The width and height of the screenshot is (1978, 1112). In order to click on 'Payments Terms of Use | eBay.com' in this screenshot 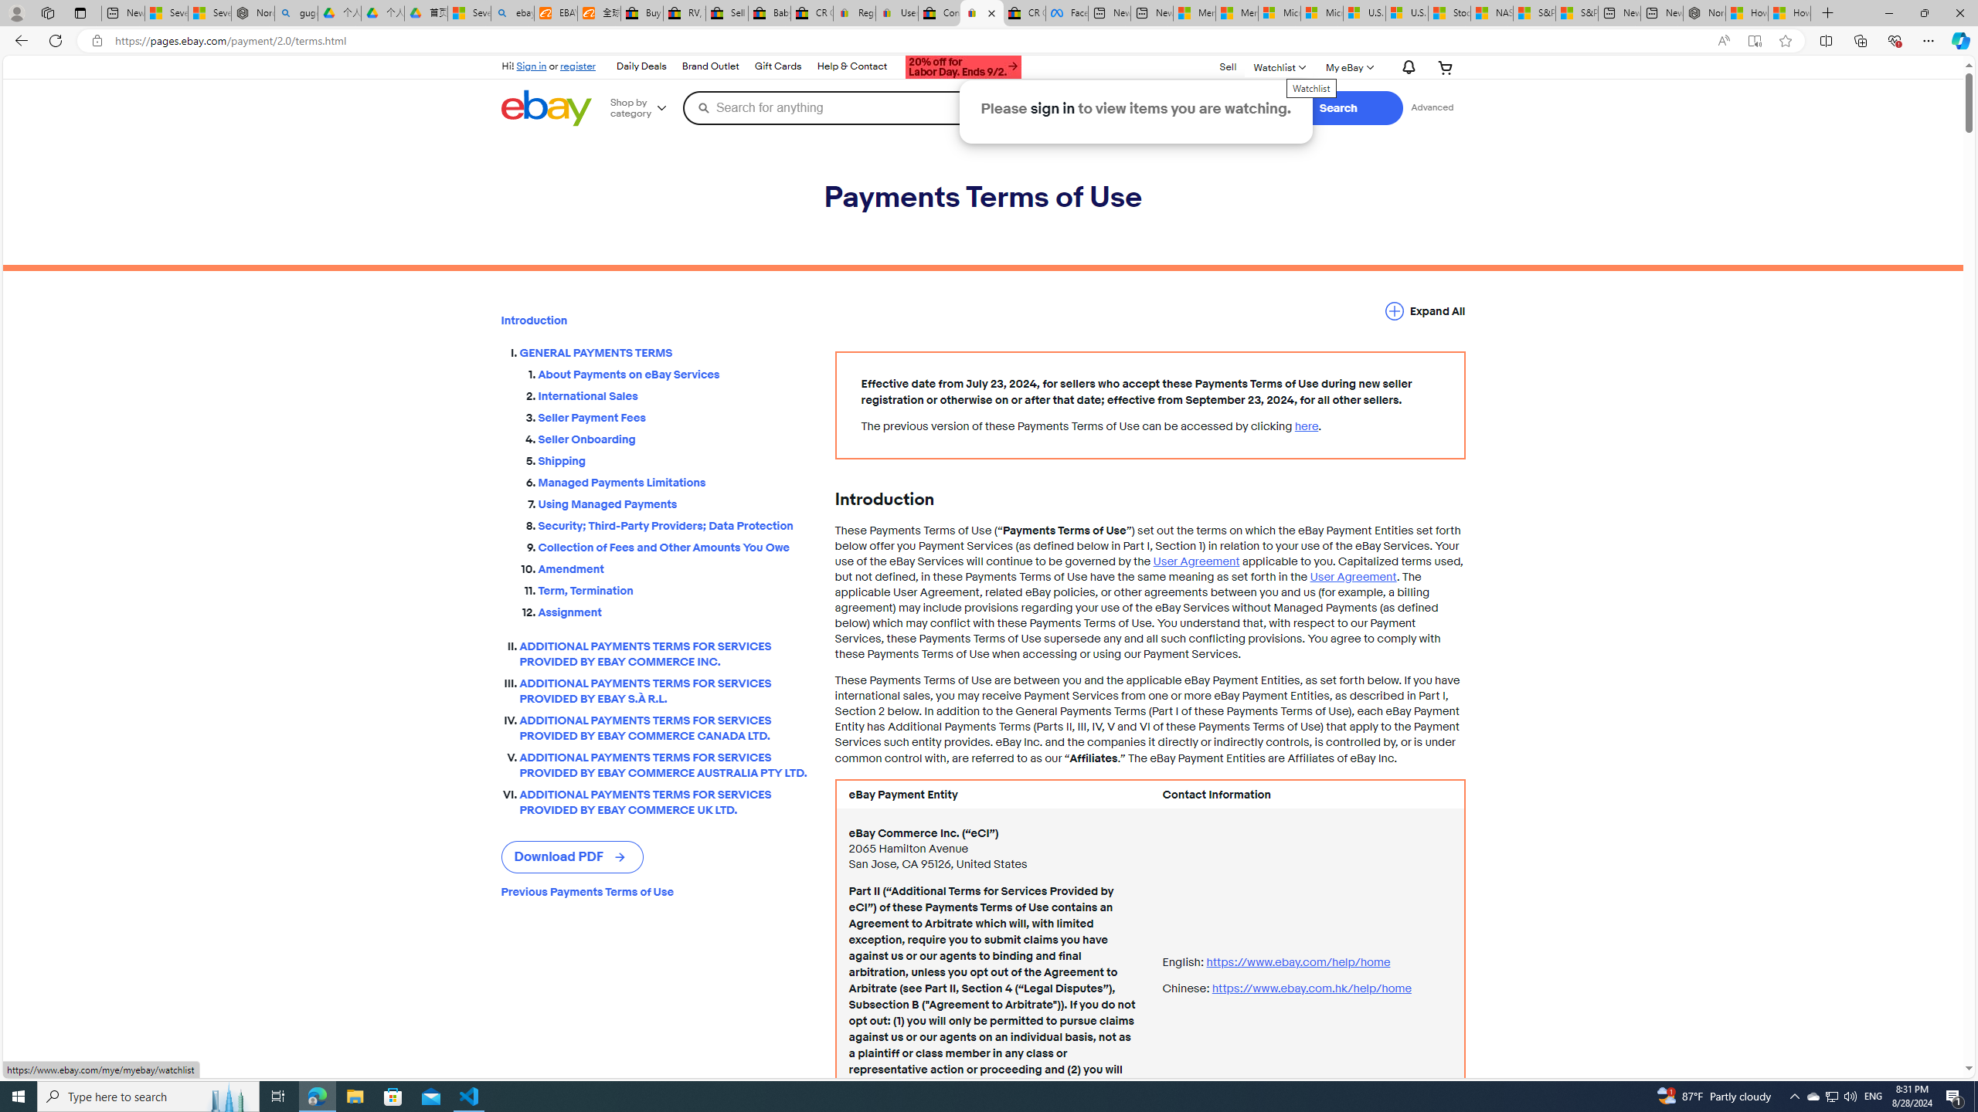, I will do `click(982, 12)`.